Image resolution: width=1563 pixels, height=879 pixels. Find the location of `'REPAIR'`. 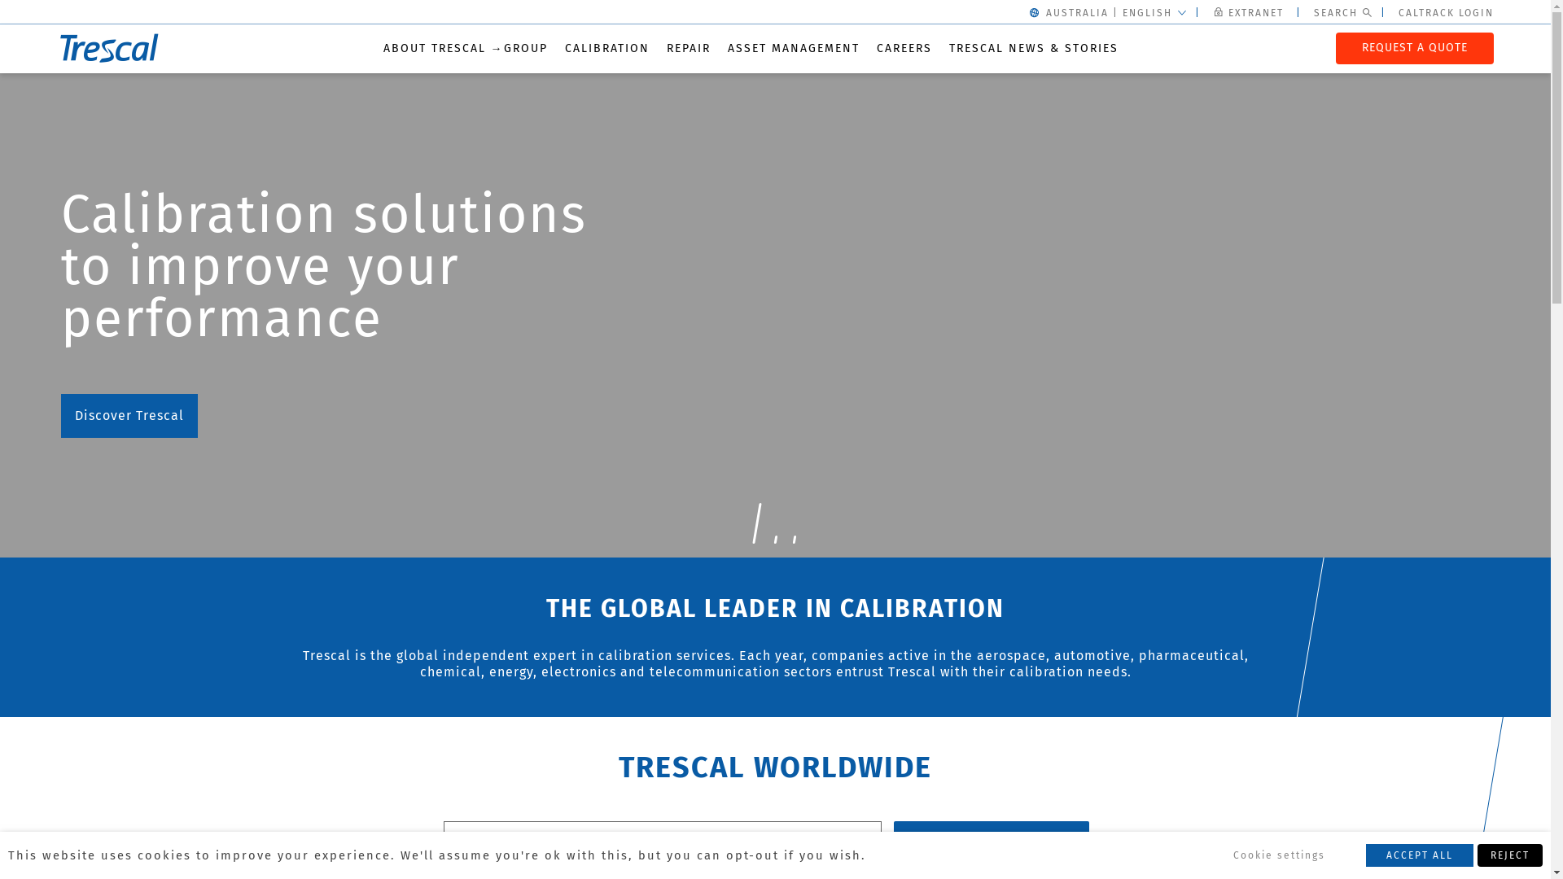

'REPAIR' is located at coordinates (687, 47).